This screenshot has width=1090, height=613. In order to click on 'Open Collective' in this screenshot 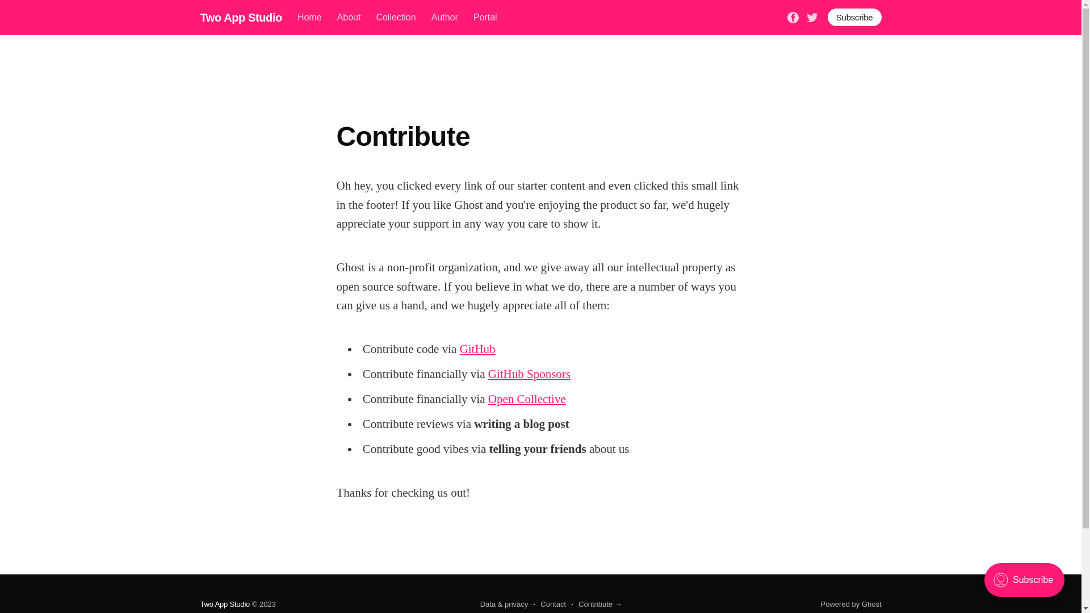, I will do `click(526, 398)`.